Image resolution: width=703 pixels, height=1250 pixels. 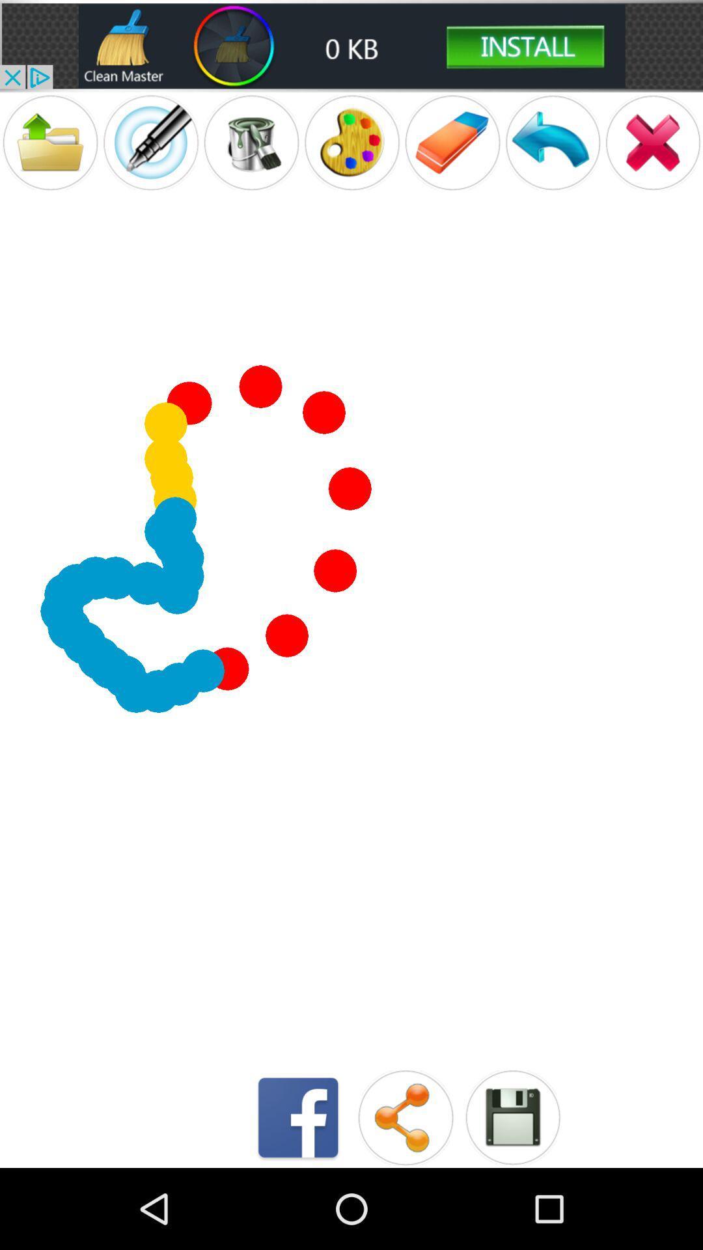 What do you see at coordinates (351, 46) in the screenshot?
I see `open advertisement` at bounding box center [351, 46].